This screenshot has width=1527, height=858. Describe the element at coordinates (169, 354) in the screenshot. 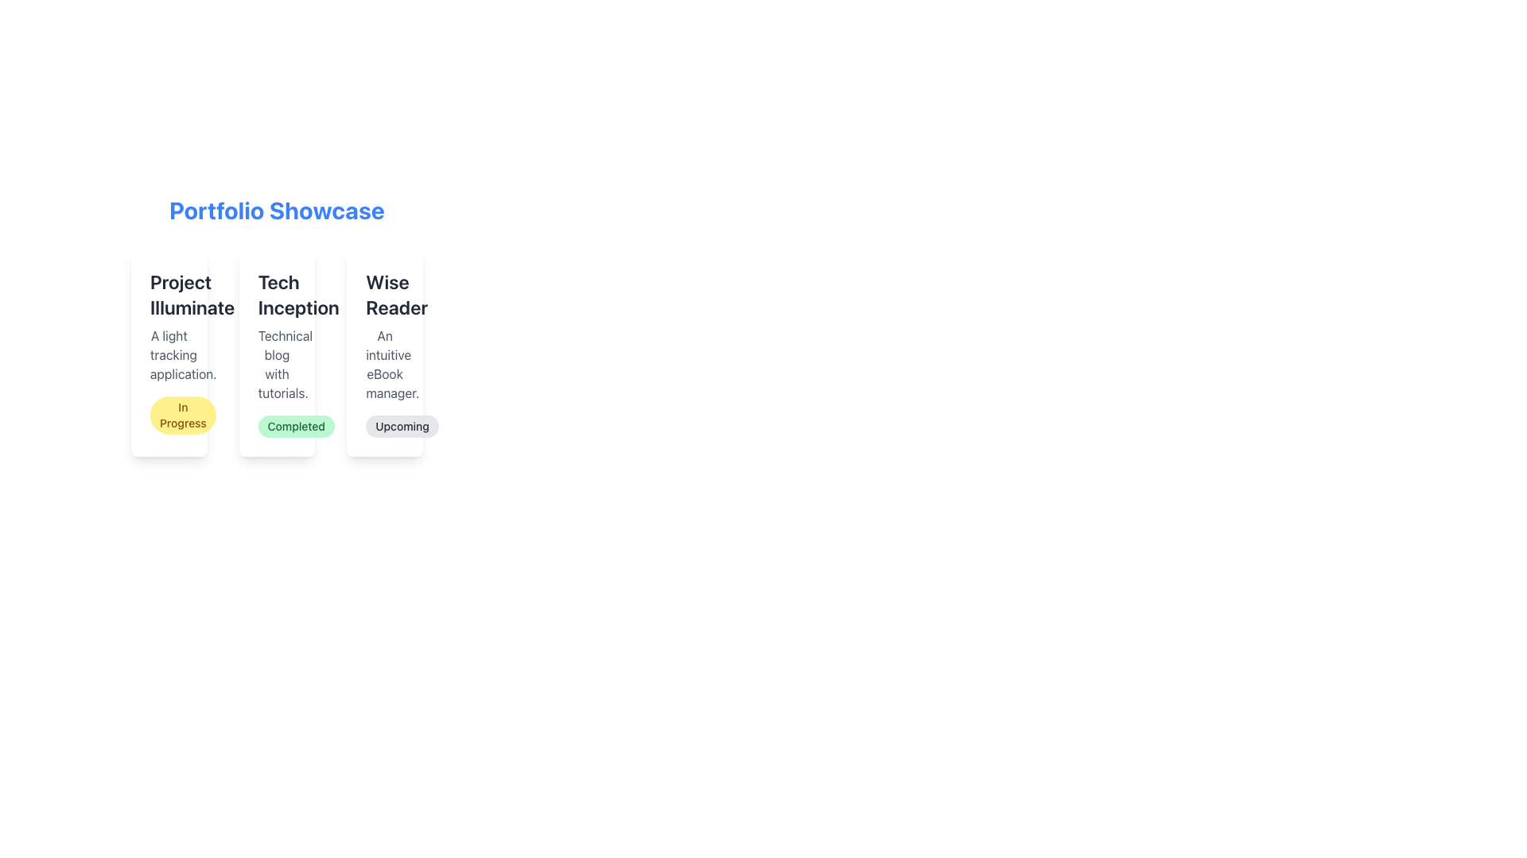

I see `the descriptive text label for 'Project Illuminate', which is located between the title and status badge` at that location.